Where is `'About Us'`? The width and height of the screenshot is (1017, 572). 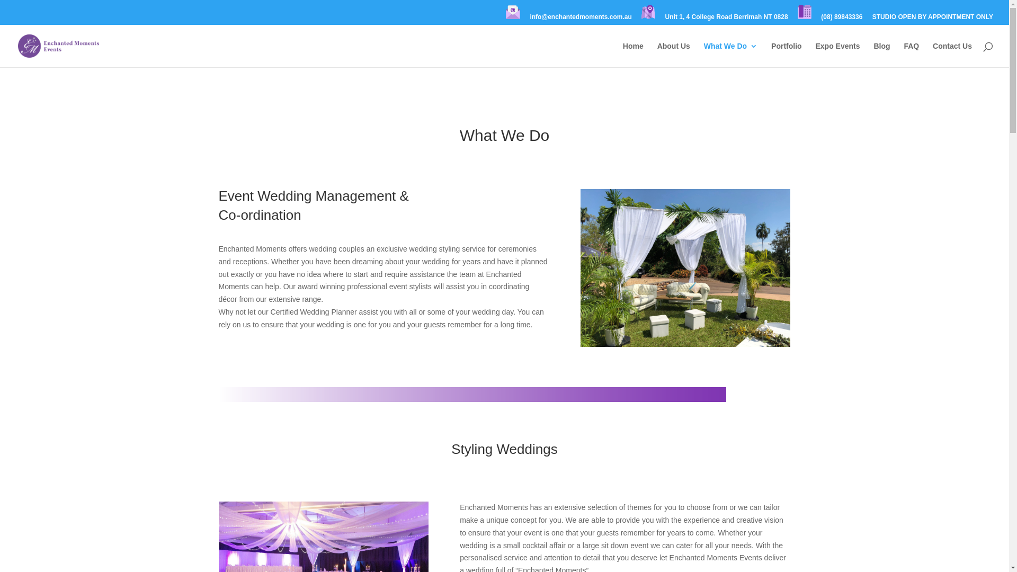
'About Us' is located at coordinates (673, 55).